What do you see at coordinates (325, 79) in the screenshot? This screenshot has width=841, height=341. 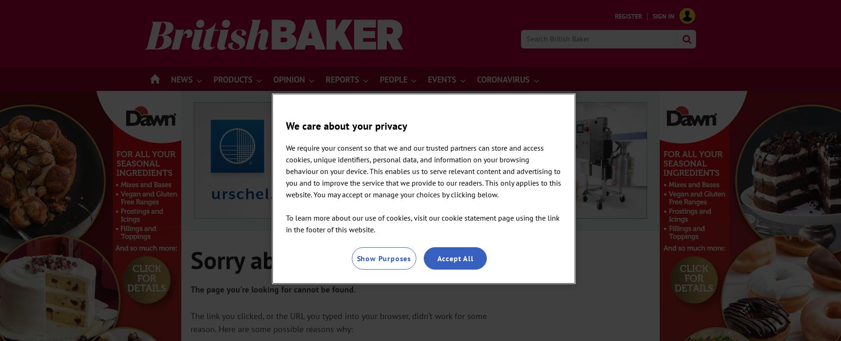 I see `'Reports'` at bounding box center [325, 79].